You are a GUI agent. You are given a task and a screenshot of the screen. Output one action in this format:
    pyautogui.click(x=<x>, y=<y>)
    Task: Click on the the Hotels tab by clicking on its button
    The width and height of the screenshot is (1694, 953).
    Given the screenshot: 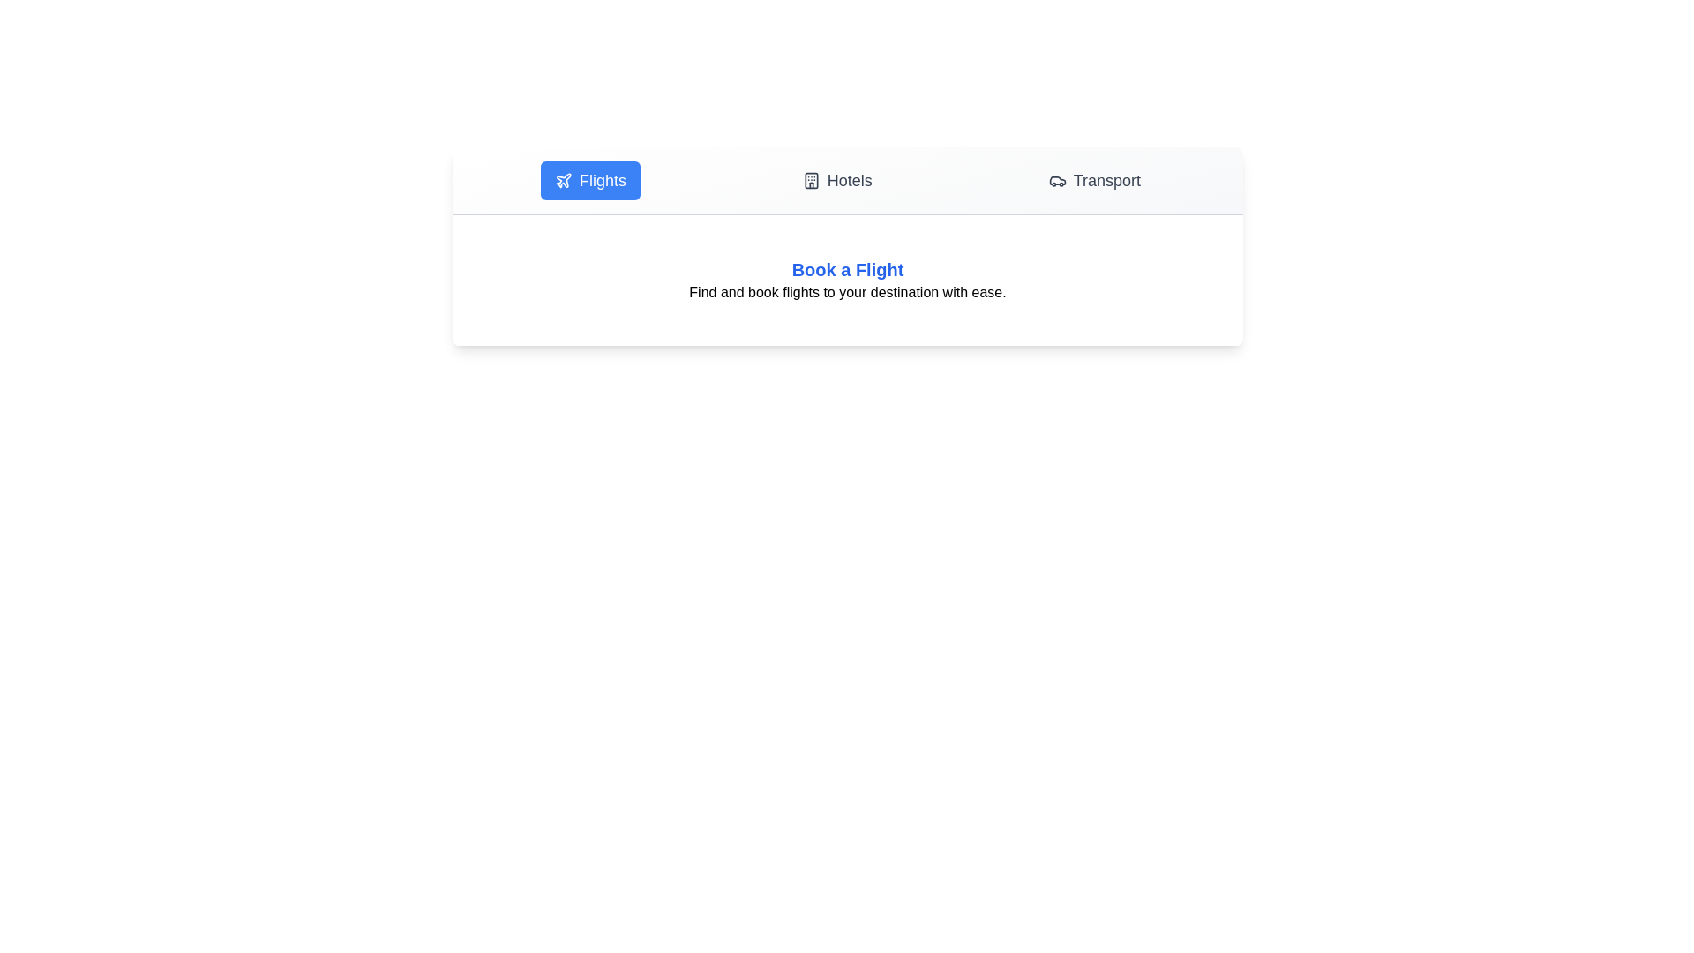 What is the action you would take?
    pyautogui.click(x=836, y=180)
    